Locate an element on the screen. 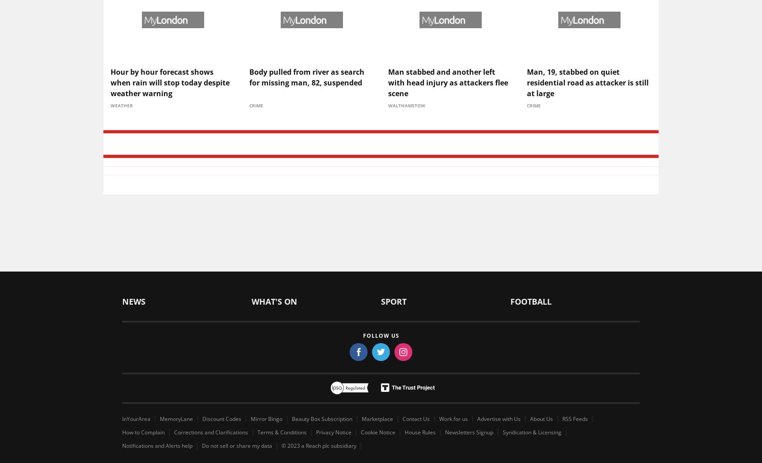  '© 2023 a Reach plc subsidiary' is located at coordinates (318, 445).